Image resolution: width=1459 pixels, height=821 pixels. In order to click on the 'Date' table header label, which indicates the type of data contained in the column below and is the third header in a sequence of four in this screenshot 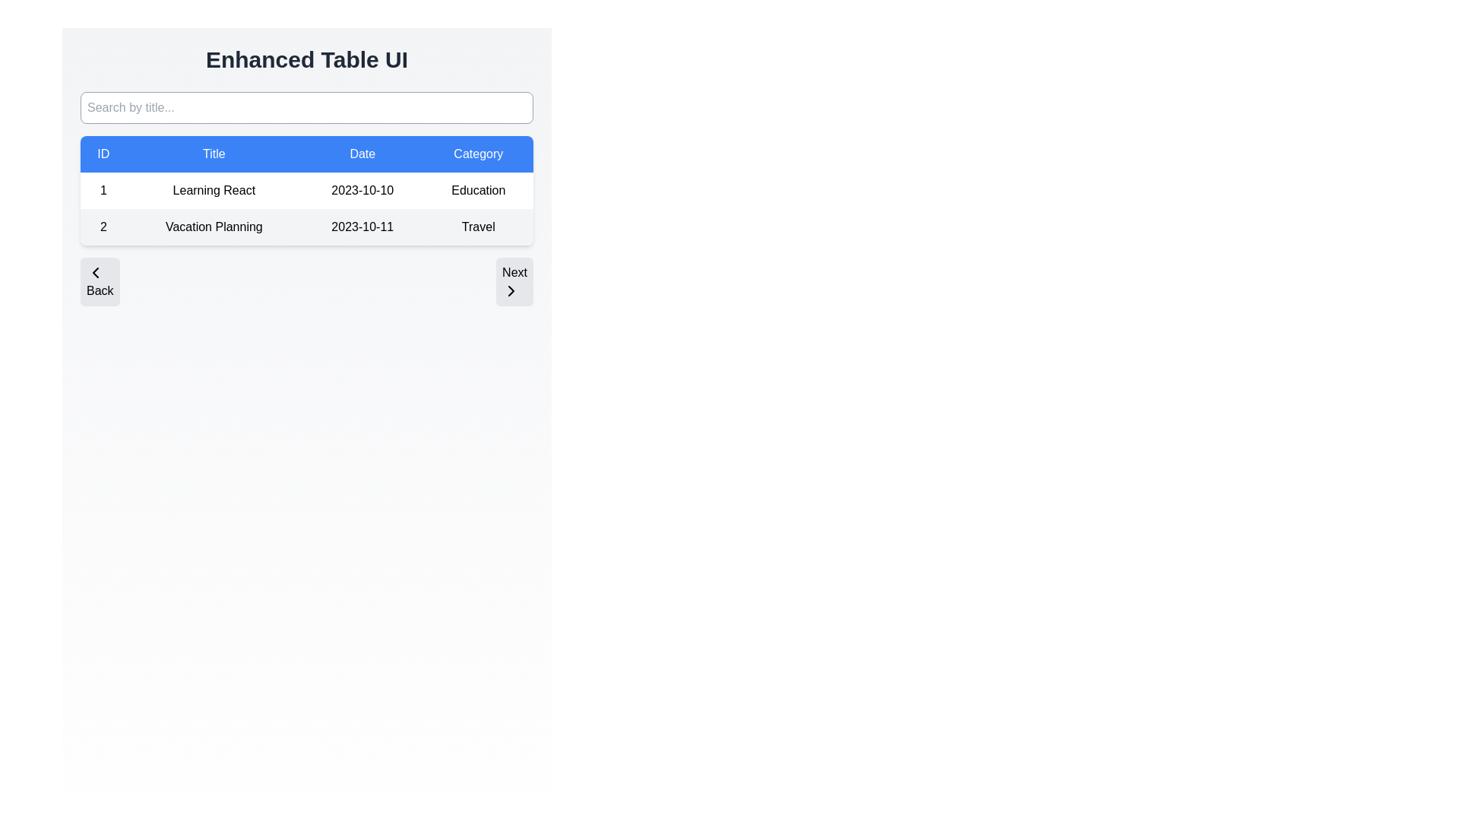, I will do `click(362, 154)`.